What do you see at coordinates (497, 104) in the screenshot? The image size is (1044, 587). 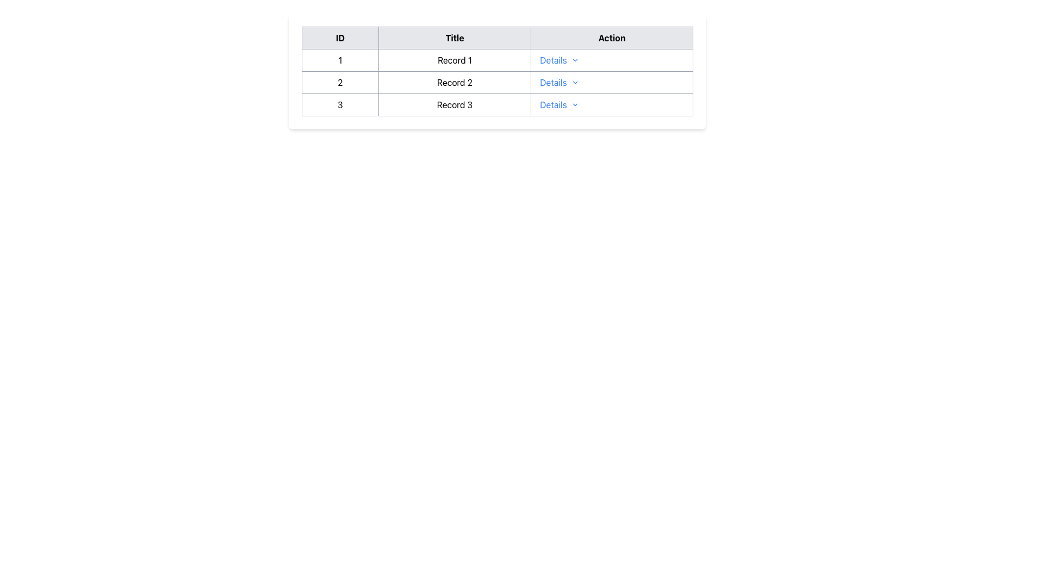 I see `the third row of the table, which contains an actionable link for a specific record, to trigger hover effects` at bounding box center [497, 104].